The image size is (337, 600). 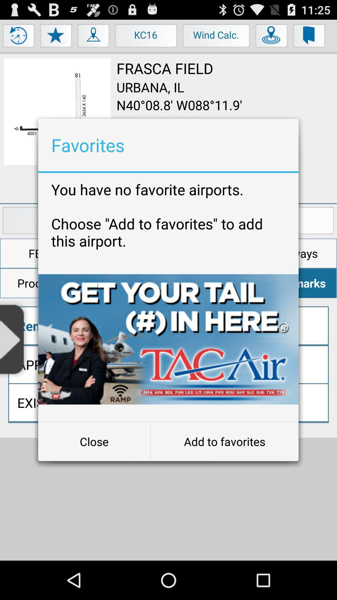 What do you see at coordinates (168, 339) in the screenshot?
I see `item below you have no` at bounding box center [168, 339].